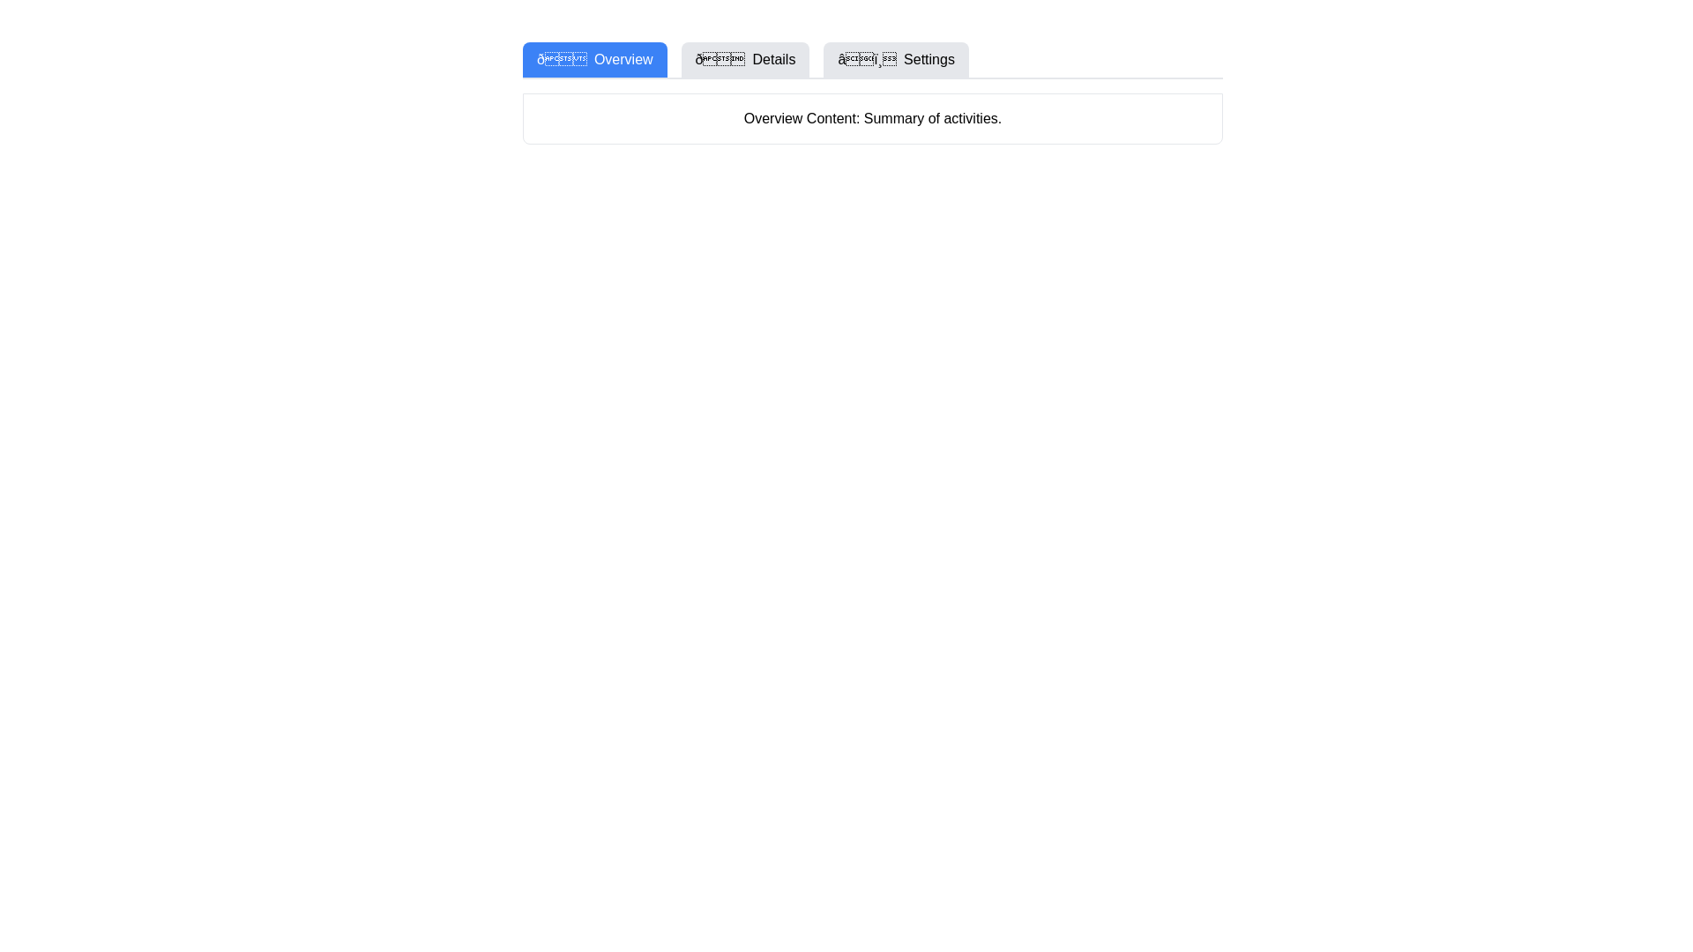  I want to click on the third navigation tab button, which redirects to the 'Settings' view, so click(896, 59).